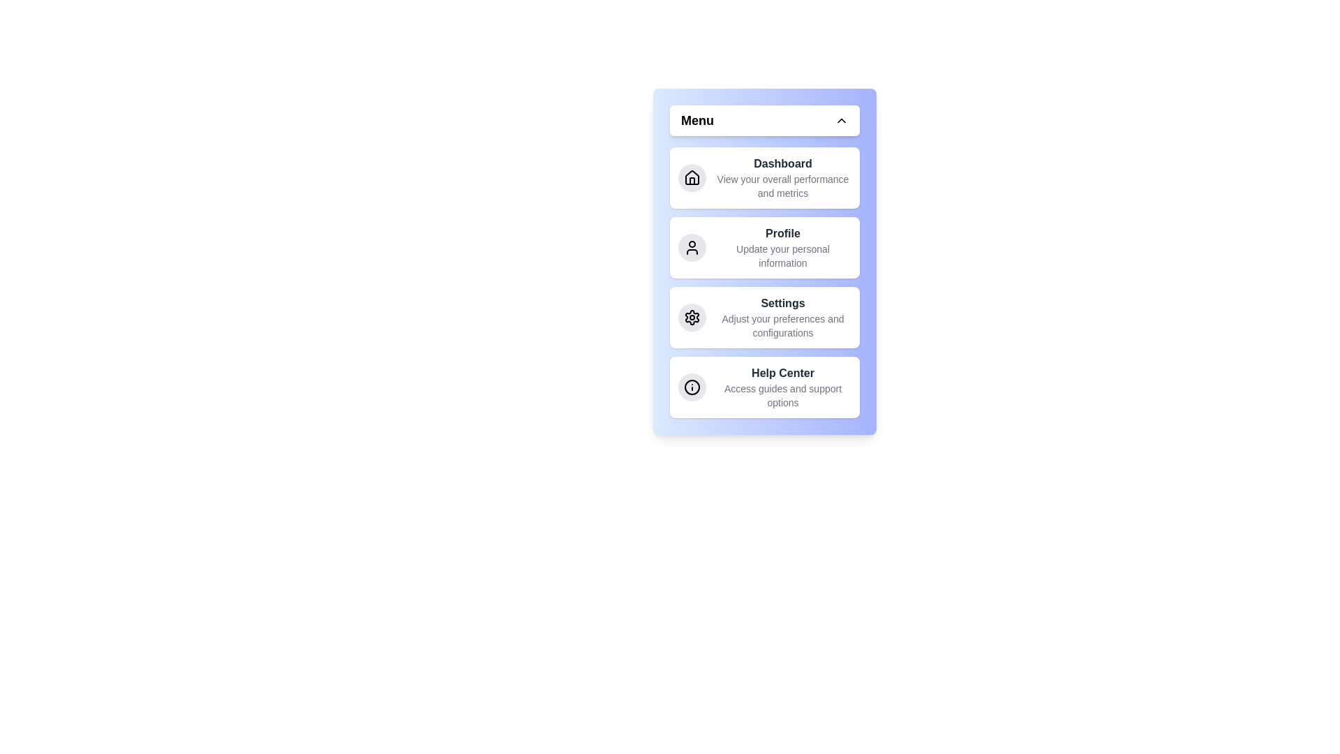 The height and width of the screenshot is (754, 1340). What do you see at coordinates (764, 177) in the screenshot?
I see `the menu item labeled Dashboard to navigate to its section` at bounding box center [764, 177].